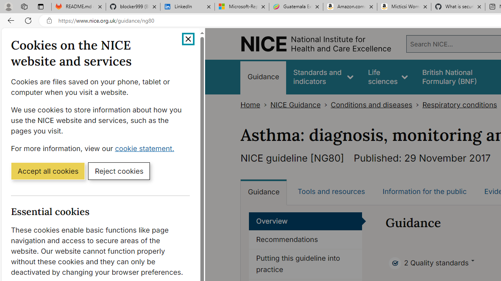 The image size is (501, 281). What do you see at coordinates (305, 264) in the screenshot?
I see `'Putting this guideline into practice'` at bounding box center [305, 264].